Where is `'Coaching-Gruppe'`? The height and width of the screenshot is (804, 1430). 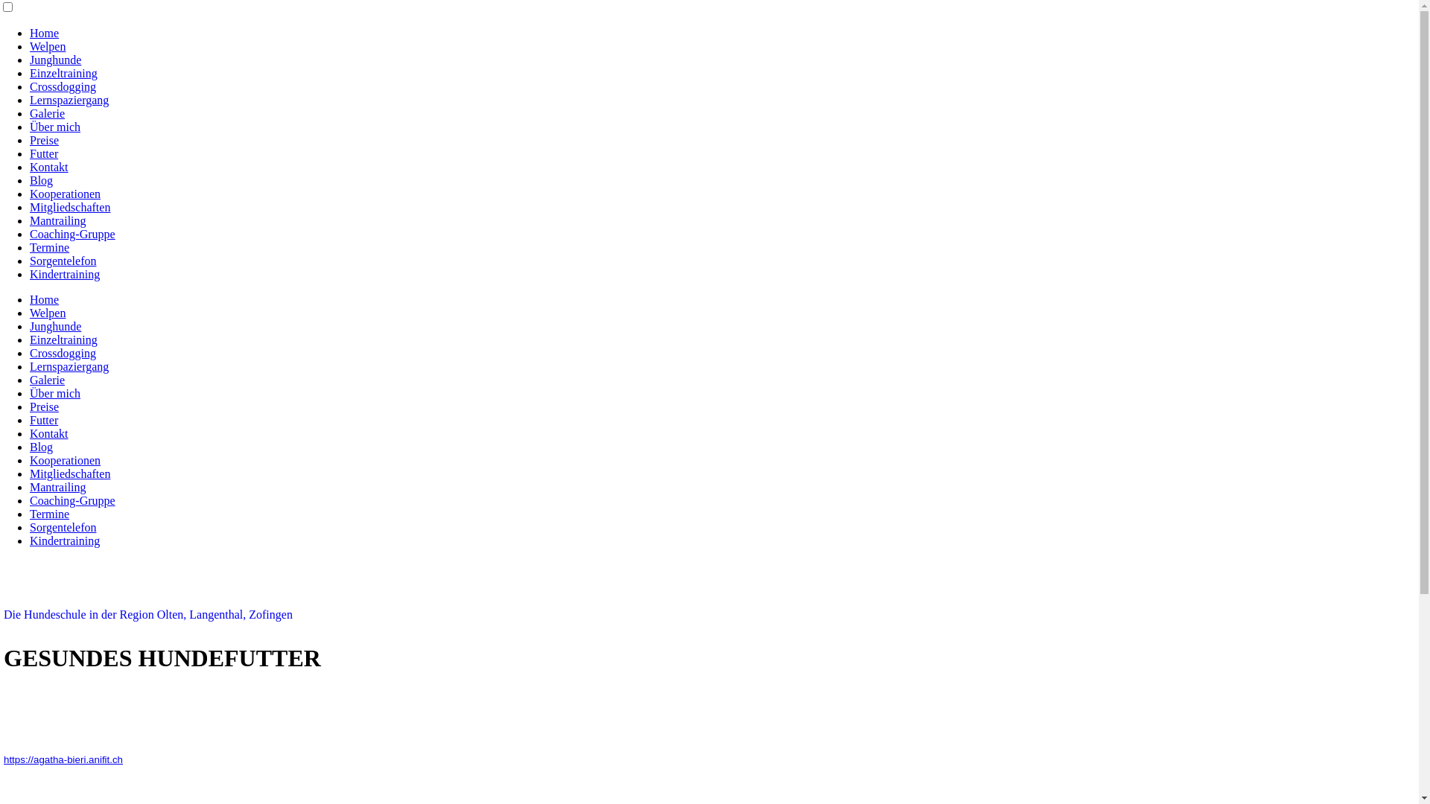
'Coaching-Gruppe' is located at coordinates (71, 500).